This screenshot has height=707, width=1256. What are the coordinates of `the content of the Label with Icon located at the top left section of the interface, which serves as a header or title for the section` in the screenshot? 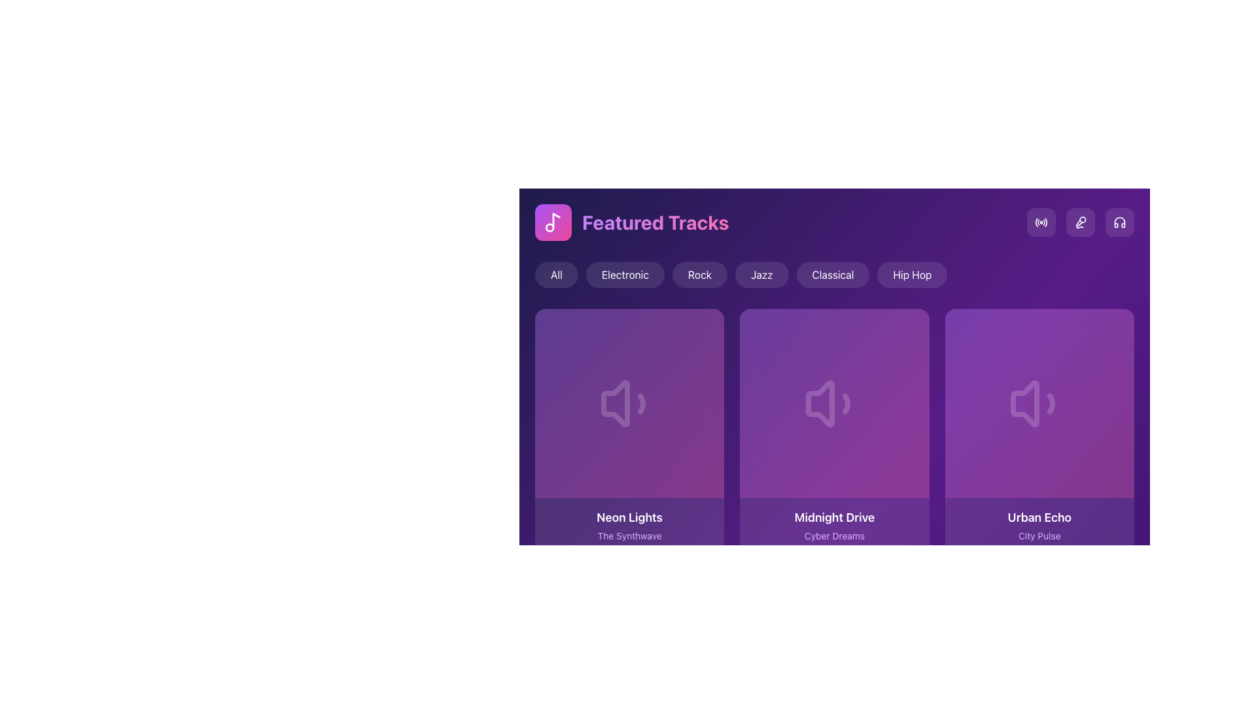 It's located at (632, 221).